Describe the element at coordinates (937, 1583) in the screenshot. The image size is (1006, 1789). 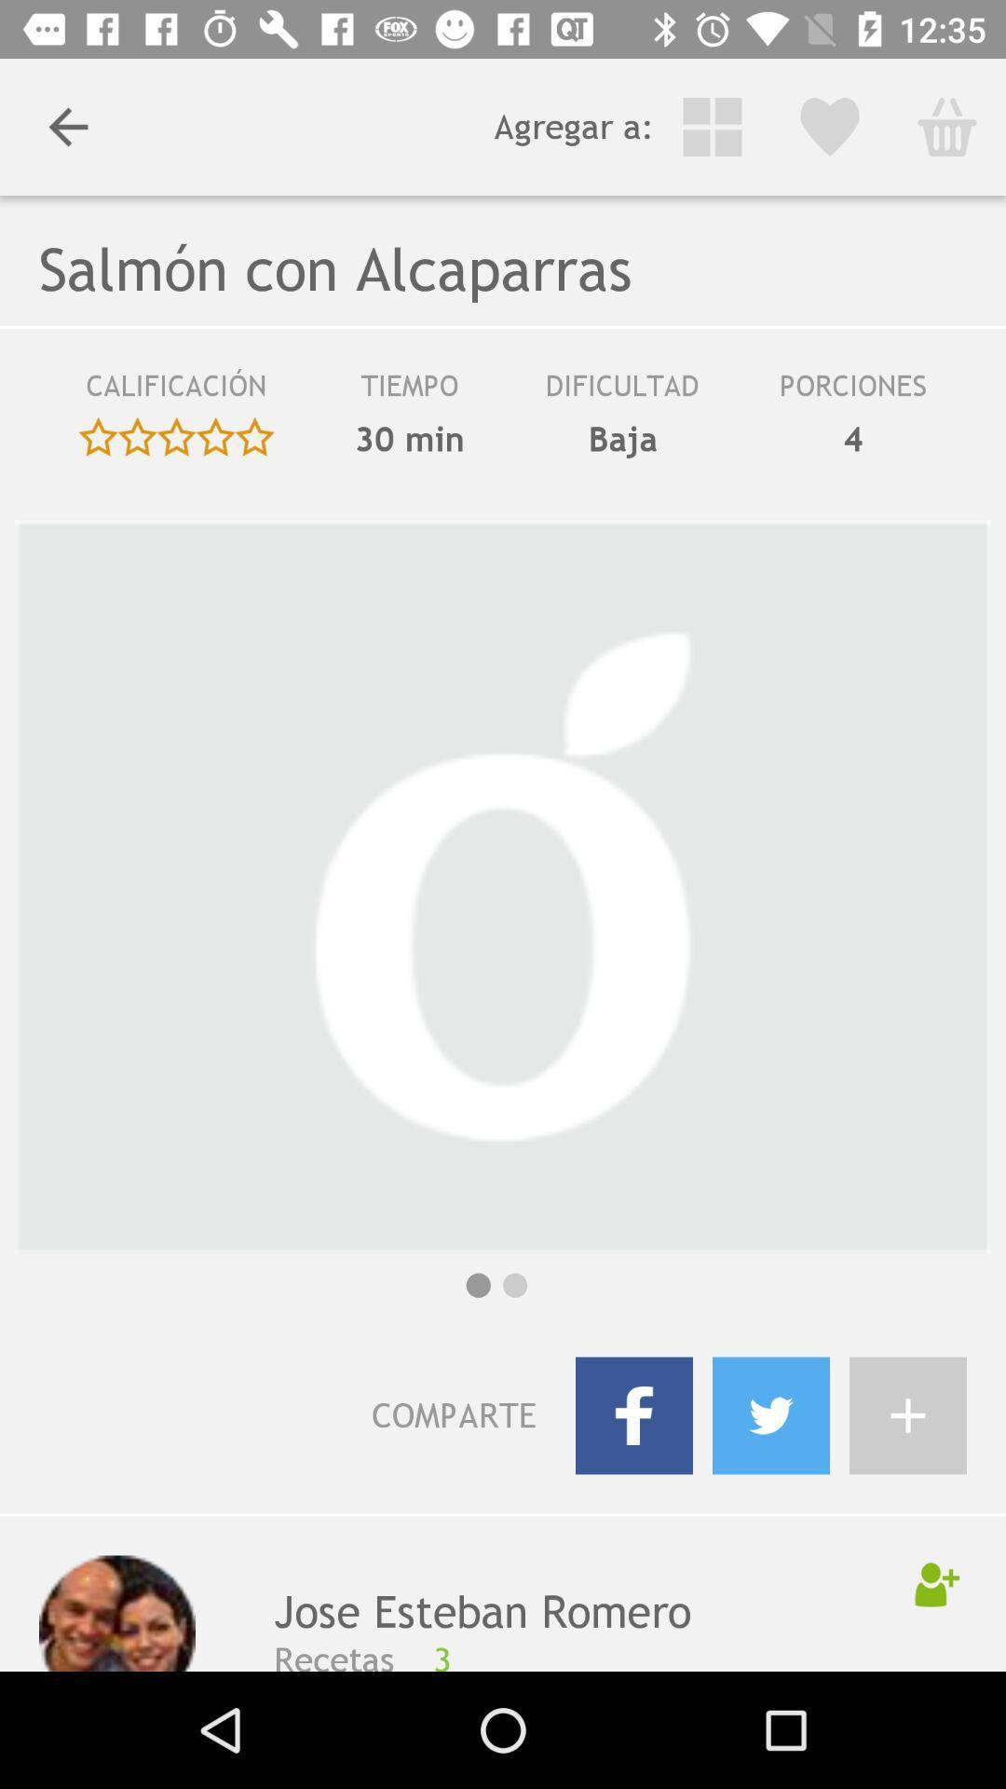
I see `follow account` at that location.